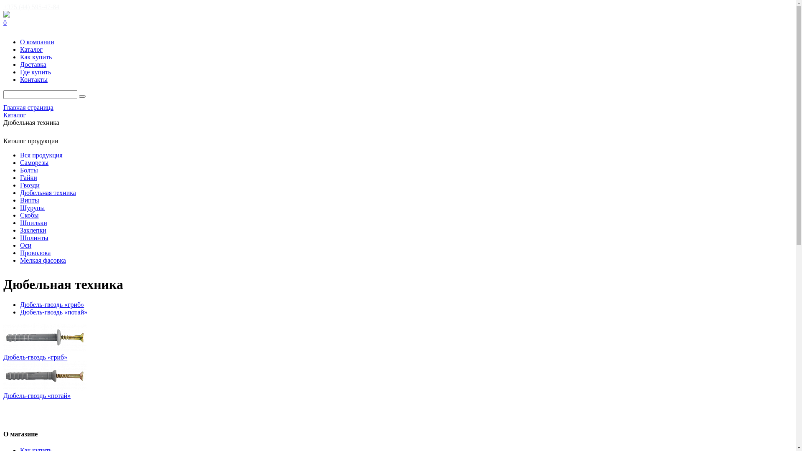 The image size is (802, 451). Describe the element at coordinates (31, 7) in the screenshot. I see `'+375 (44) 595-47-84'` at that location.